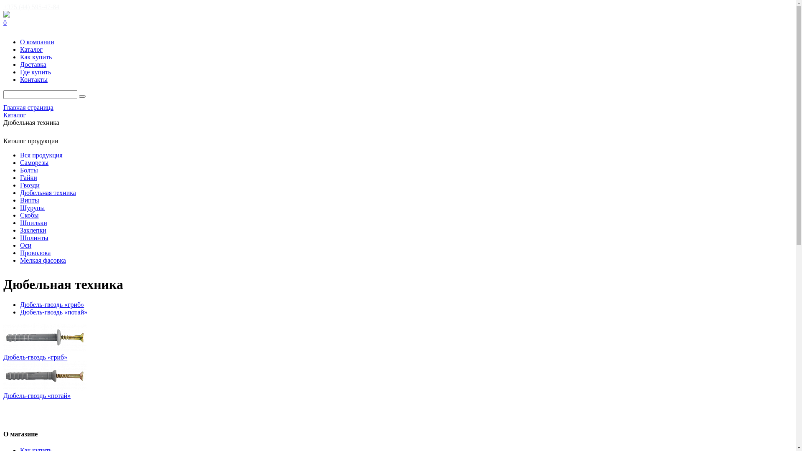 The image size is (802, 451). Describe the element at coordinates (31, 7) in the screenshot. I see `'+375 (44) 595-47-84'` at that location.